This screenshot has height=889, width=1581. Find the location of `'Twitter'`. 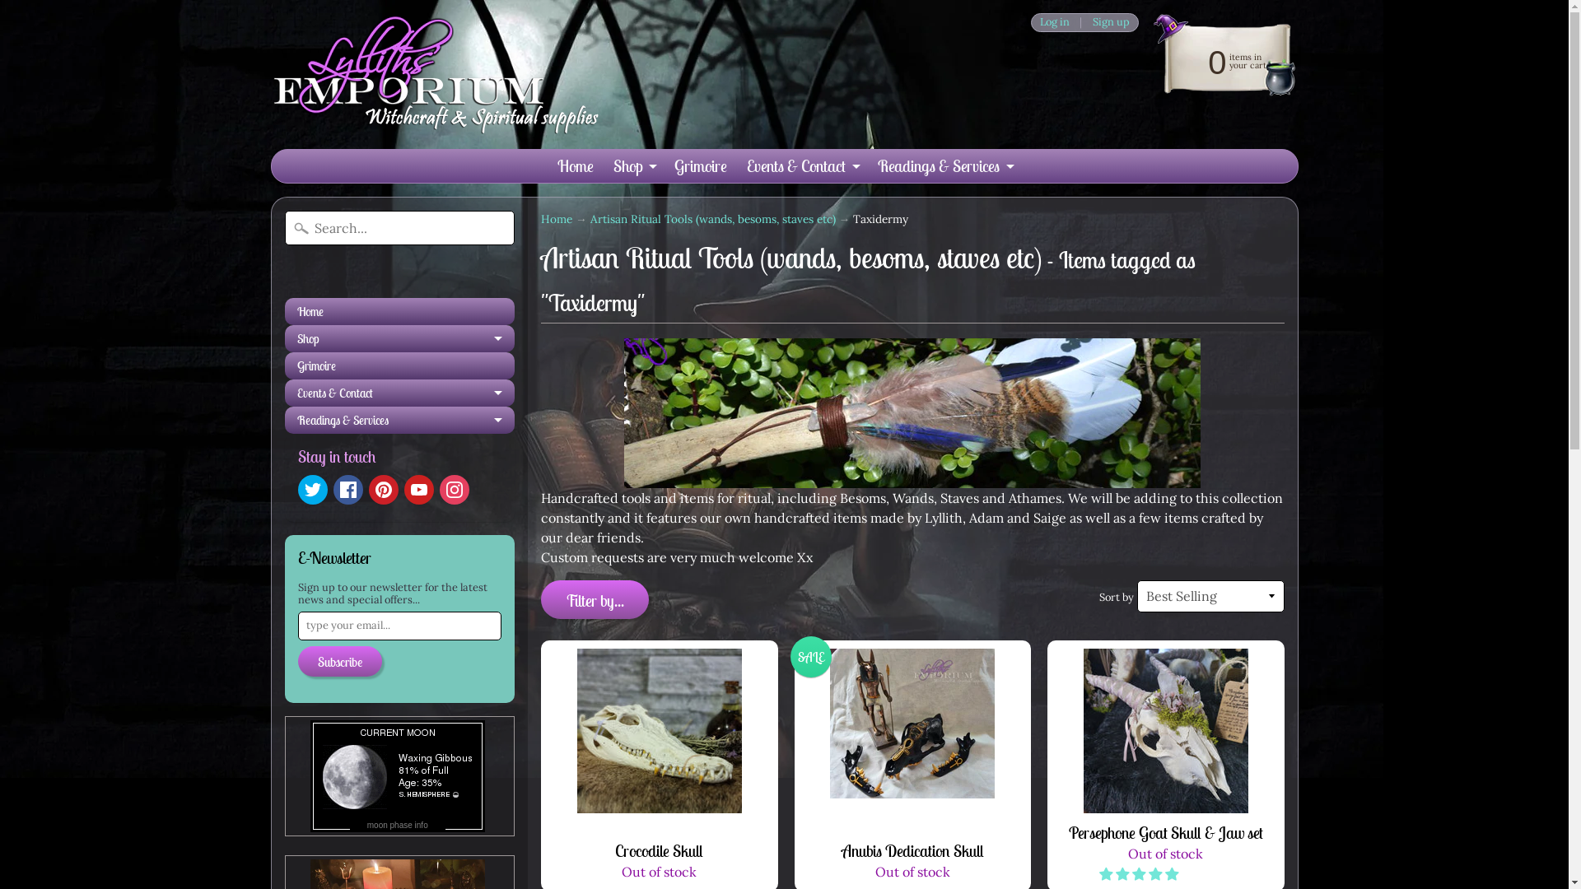

'Twitter' is located at coordinates (297, 488).